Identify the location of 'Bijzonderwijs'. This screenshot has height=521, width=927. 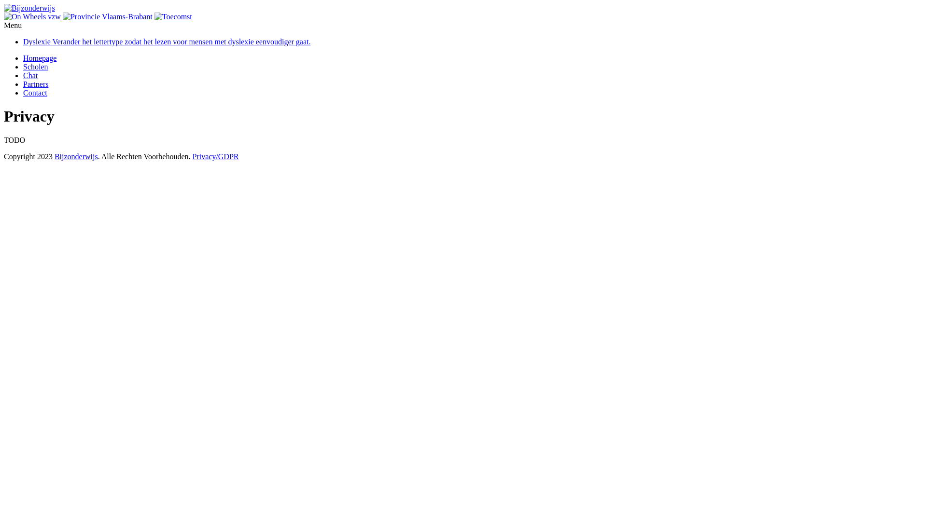
(76, 156).